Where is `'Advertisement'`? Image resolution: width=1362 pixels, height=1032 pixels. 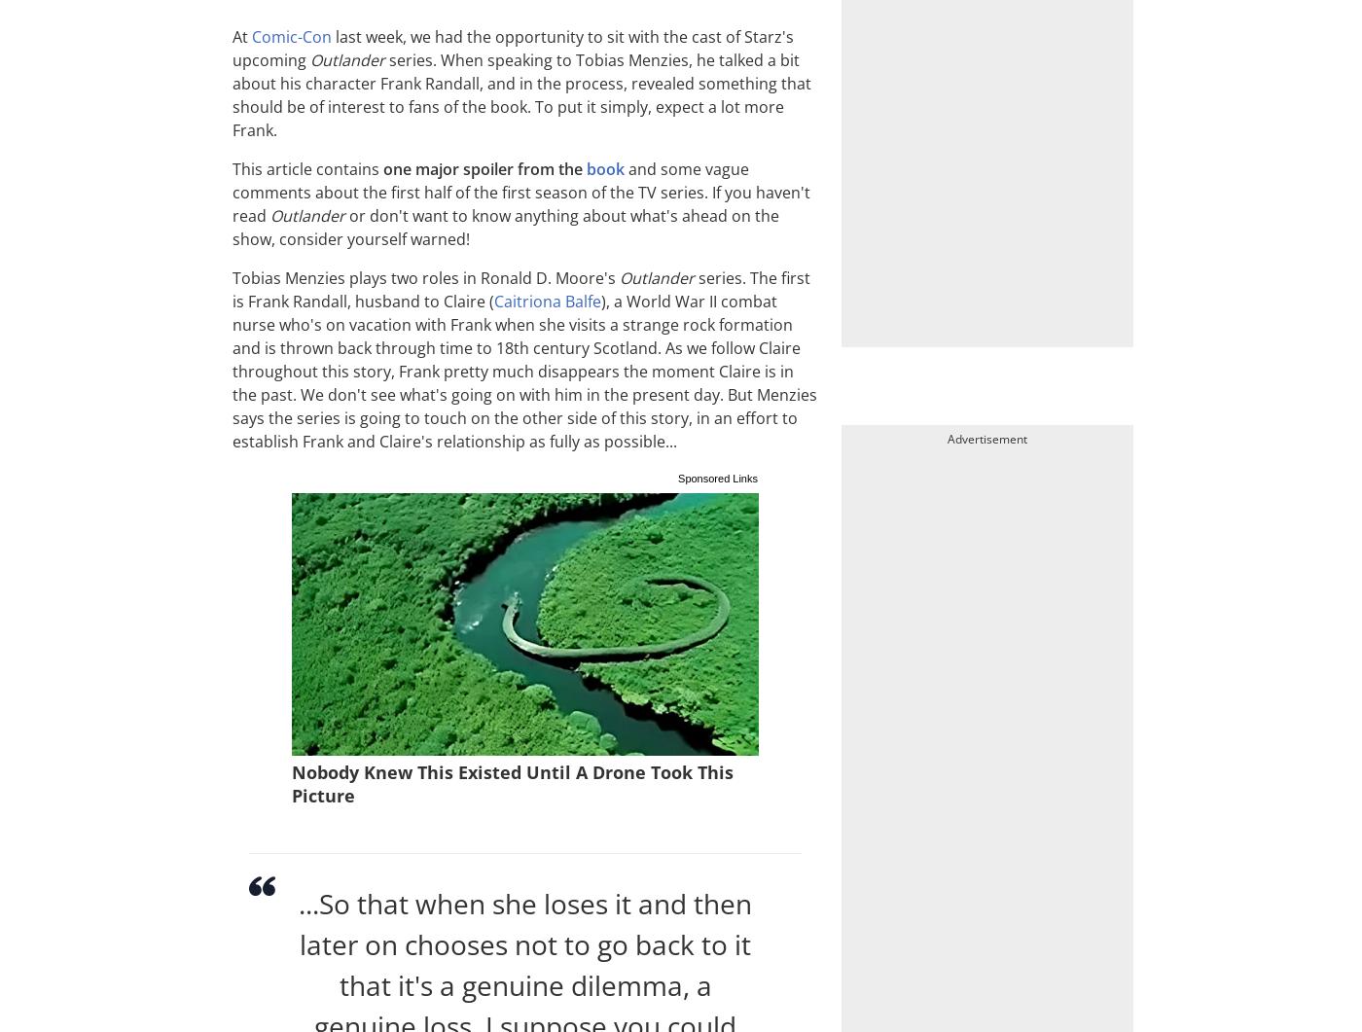
'Advertisement' is located at coordinates (946, 439).